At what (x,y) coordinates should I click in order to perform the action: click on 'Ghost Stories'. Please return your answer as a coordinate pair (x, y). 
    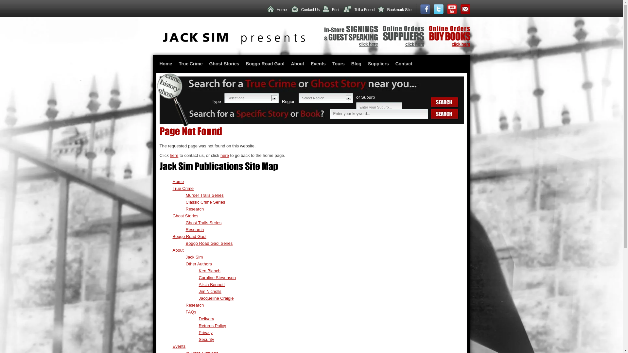
    Looking at the image, I should click on (224, 64).